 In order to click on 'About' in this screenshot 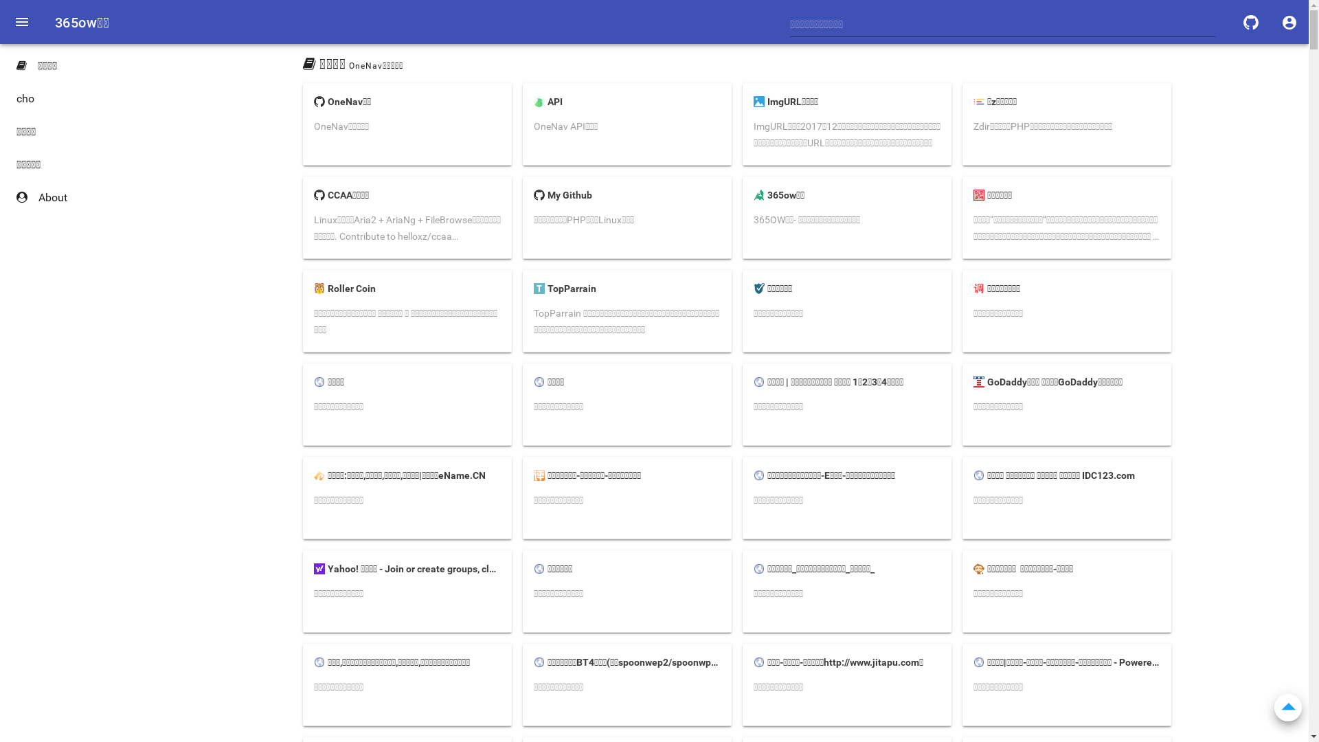, I will do `click(82, 198)`.